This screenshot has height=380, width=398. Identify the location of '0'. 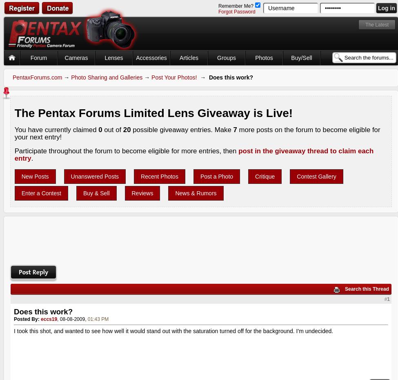
(100, 129).